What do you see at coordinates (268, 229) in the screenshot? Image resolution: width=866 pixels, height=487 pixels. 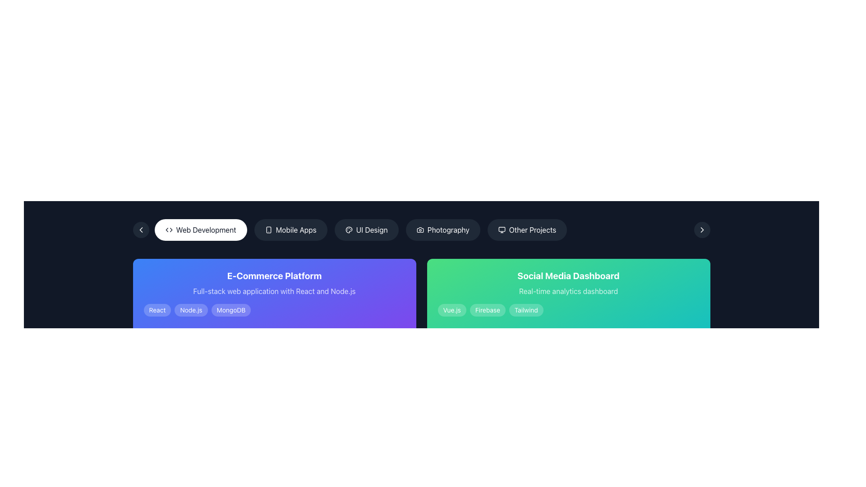 I see `the smartphone icon element located in the top-center area of the navigation bar, which is represented as a rectangular shape with rounded corners` at bounding box center [268, 229].